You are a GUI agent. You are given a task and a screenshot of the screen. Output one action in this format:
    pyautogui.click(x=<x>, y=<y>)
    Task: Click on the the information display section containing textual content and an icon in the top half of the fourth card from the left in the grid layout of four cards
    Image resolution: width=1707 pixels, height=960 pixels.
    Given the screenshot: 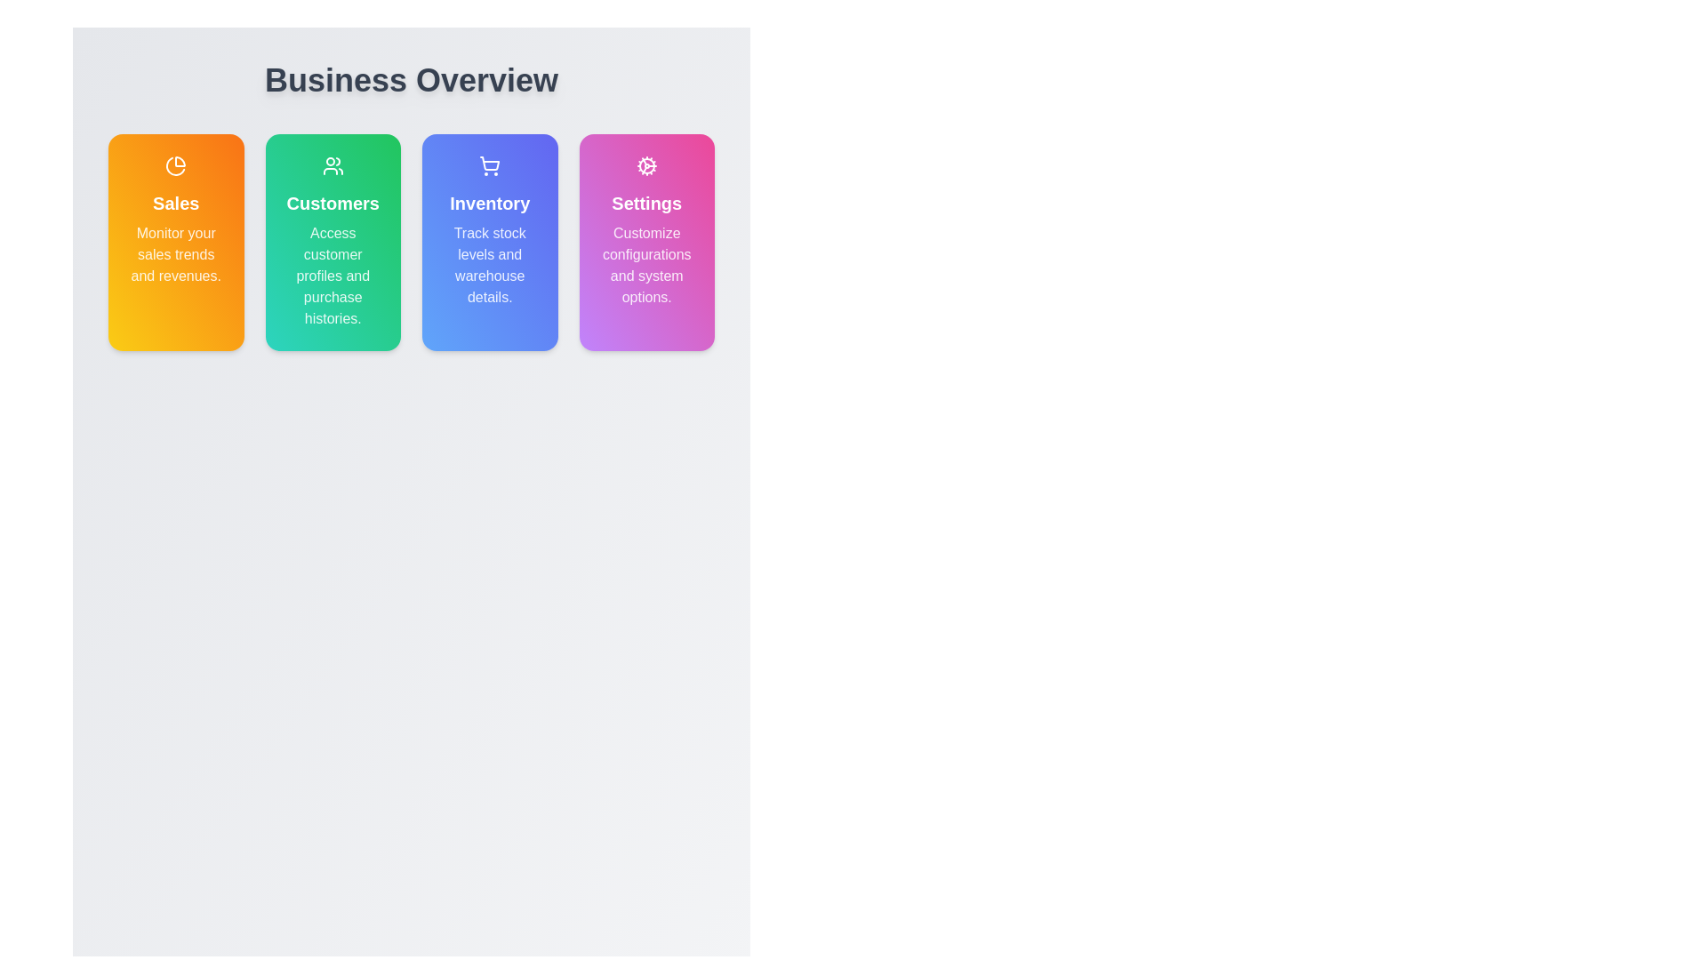 What is the action you would take?
    pyautogui.click(x=645, y=231)
    